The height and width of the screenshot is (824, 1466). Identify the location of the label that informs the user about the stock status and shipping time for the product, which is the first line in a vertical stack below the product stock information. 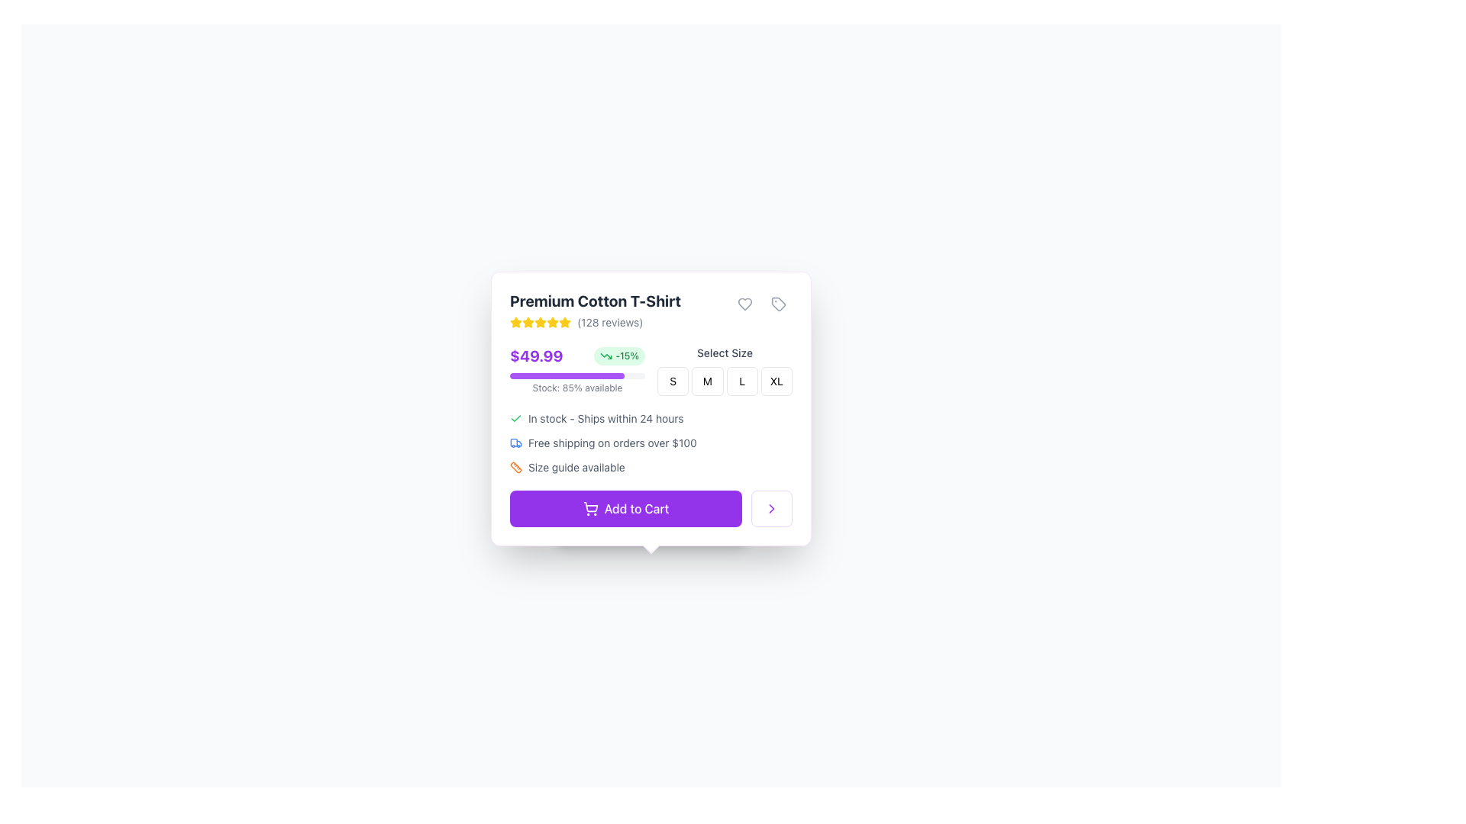
(651, 418).